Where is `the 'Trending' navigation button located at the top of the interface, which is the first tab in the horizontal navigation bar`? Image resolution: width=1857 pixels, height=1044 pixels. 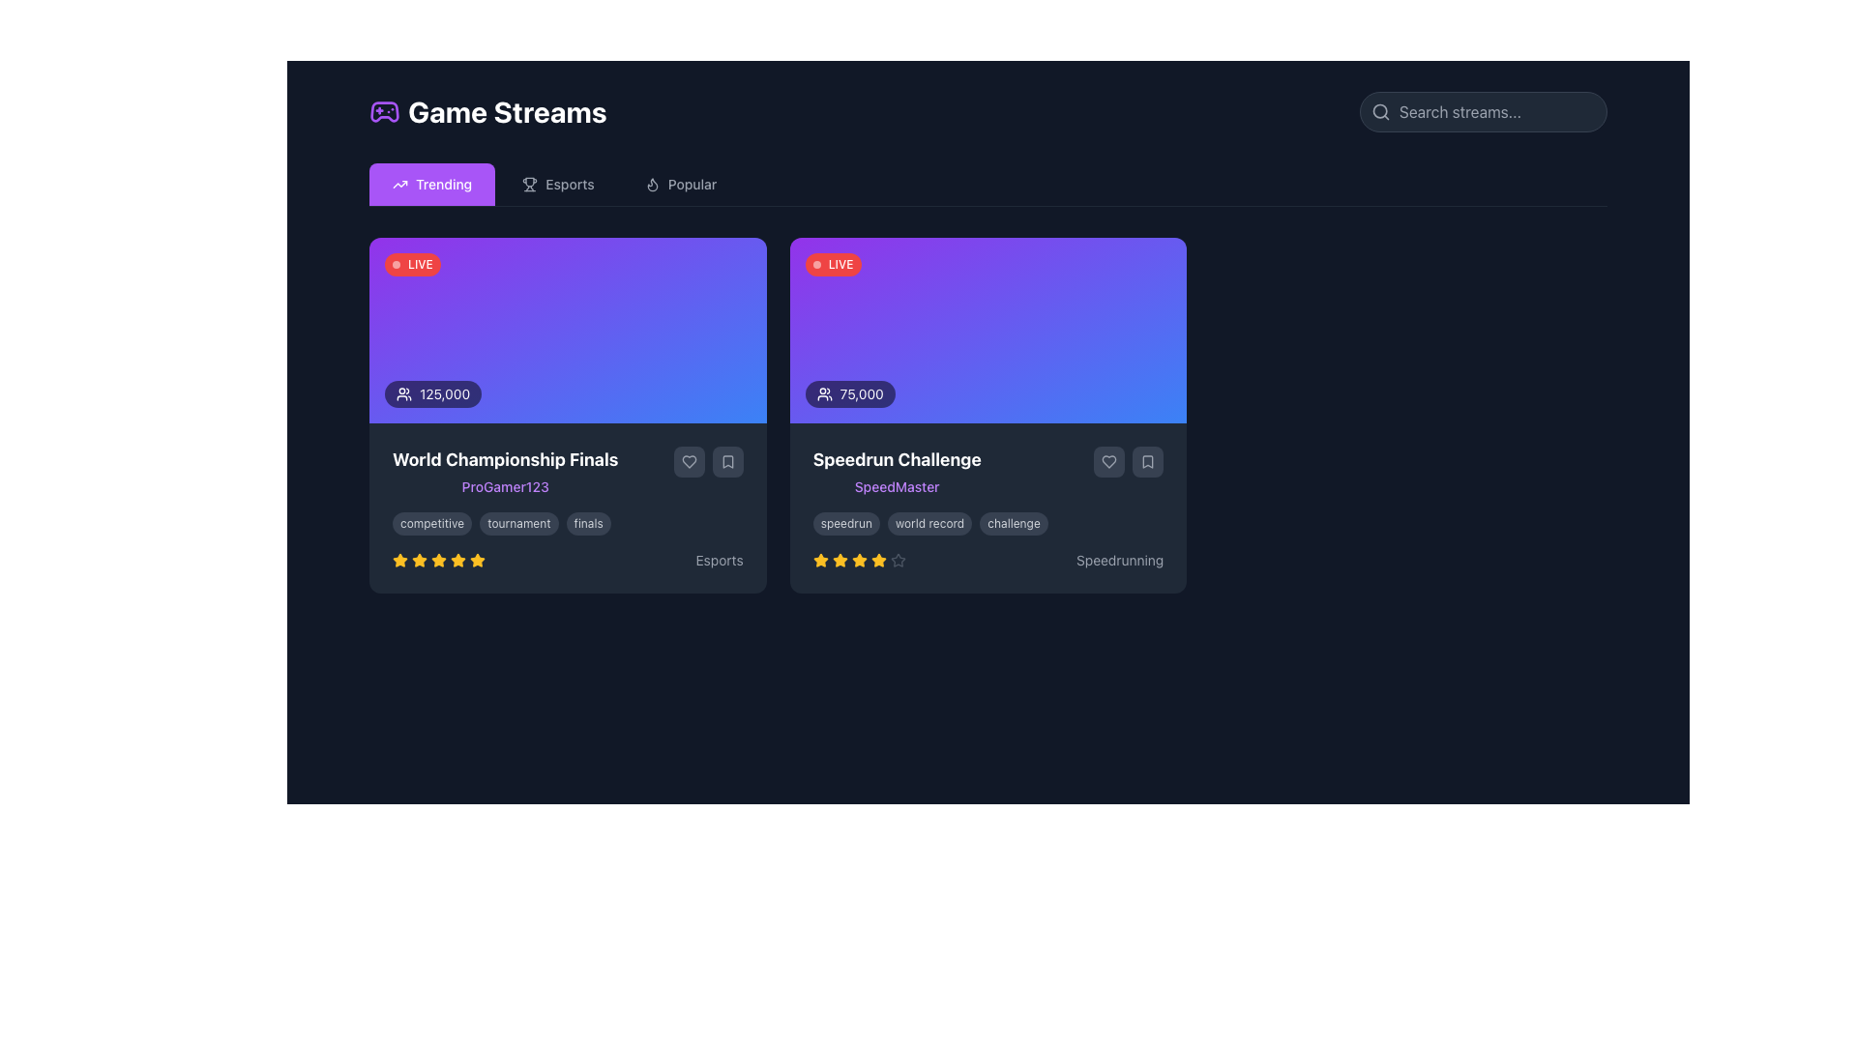
the 'Trending' navigation button located at the top of the interface, which is the first tab in the horizontal navigation bar is located at coordinates (431, 185).